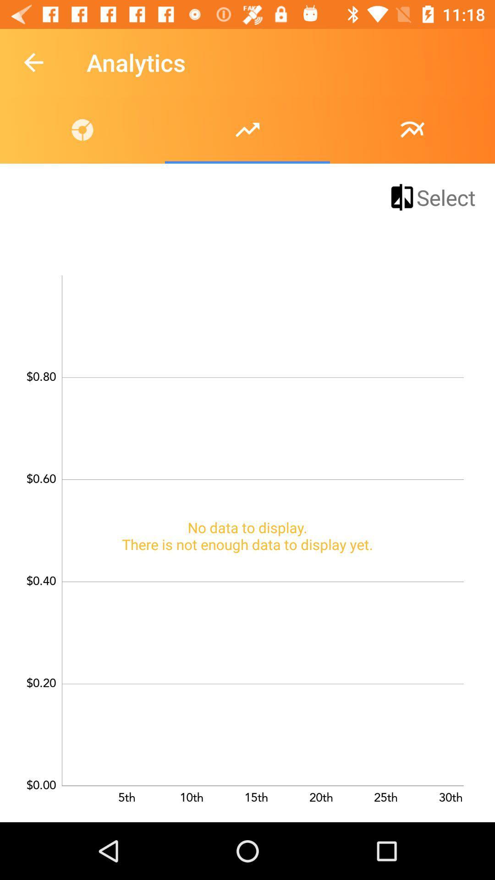  What do you see at coordinates (33, 62) in the screenshot?
I see `the icon next to analytics` at bounding box center [33, 62].